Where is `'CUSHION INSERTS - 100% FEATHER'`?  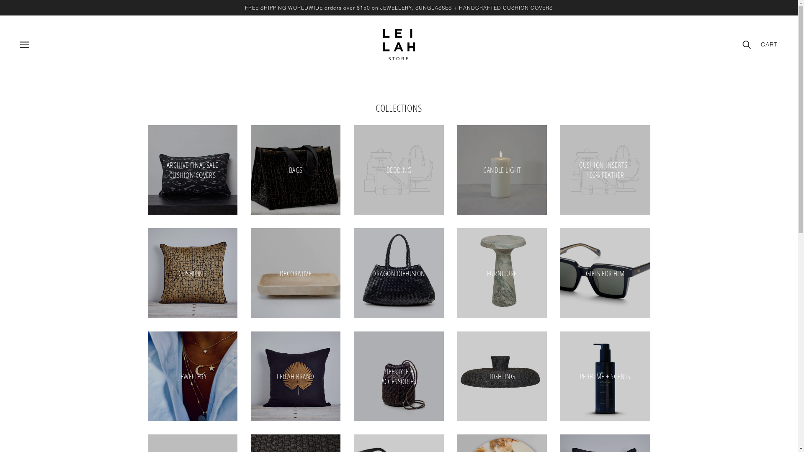
'CUSHION INSERTS - 100% FEATHER' is located at coordinates (605, 169).